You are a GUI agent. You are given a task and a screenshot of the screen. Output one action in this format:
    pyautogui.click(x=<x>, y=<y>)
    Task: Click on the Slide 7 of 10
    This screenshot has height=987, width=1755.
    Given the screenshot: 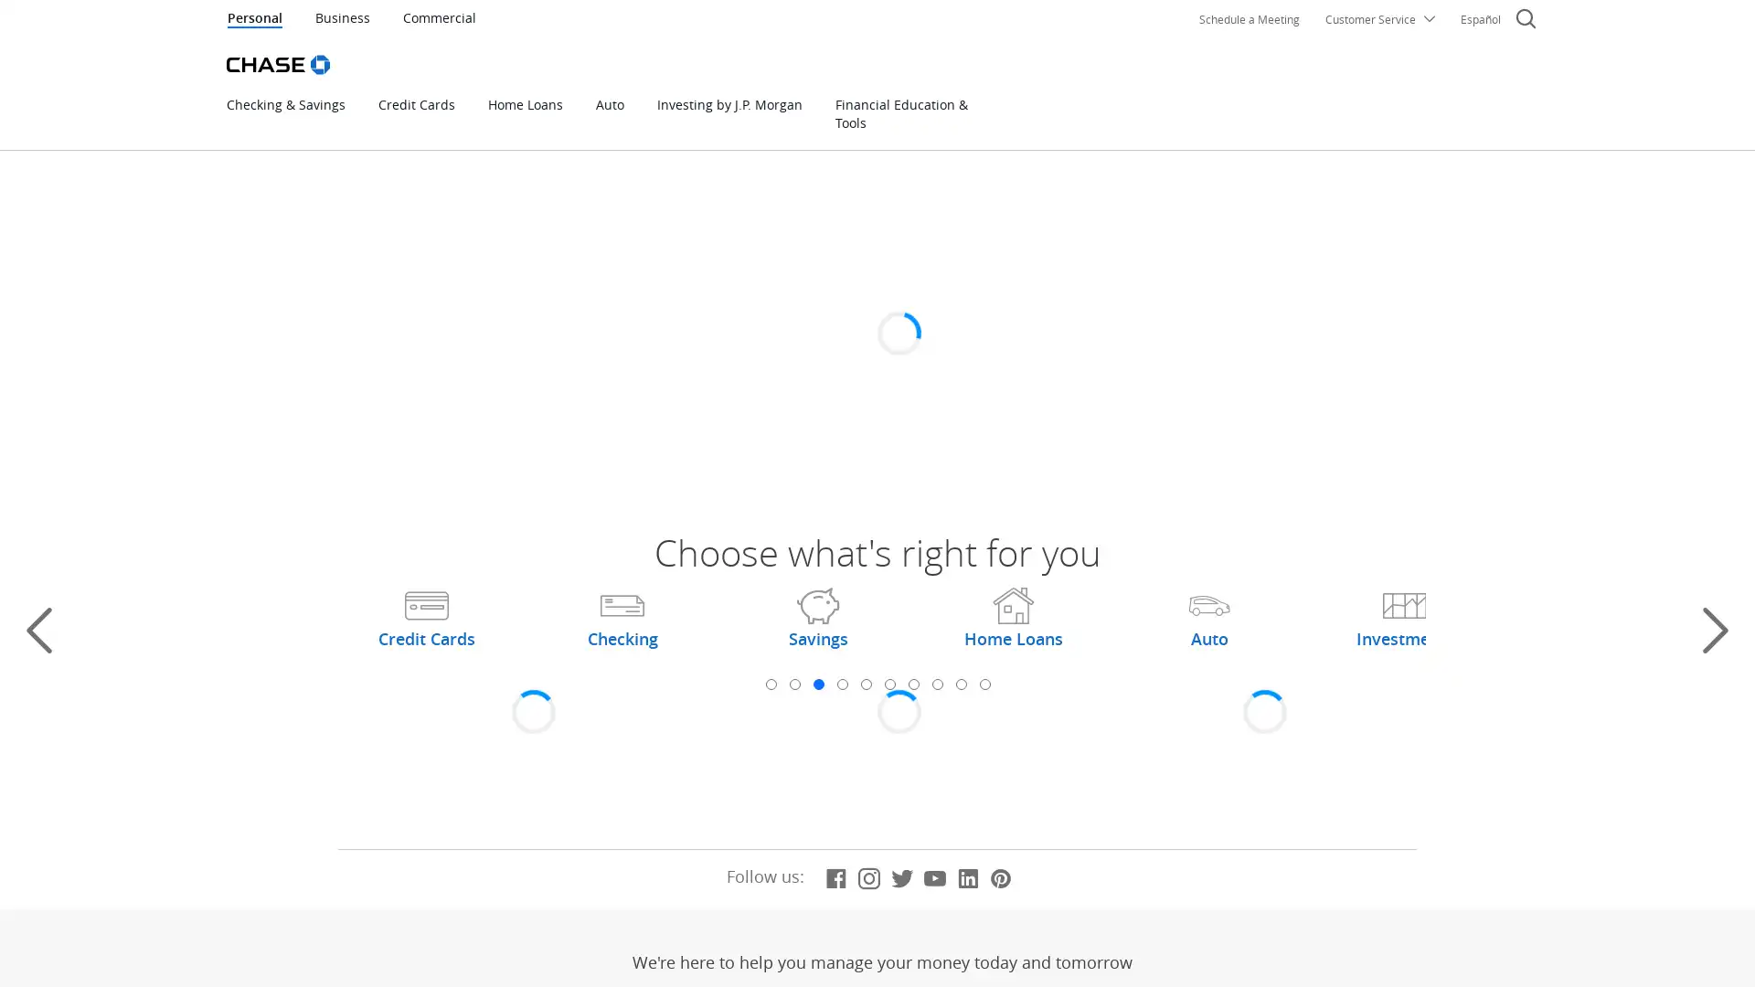 What is the action you would take?
    pyautogui.click(x=912, y=684)
    